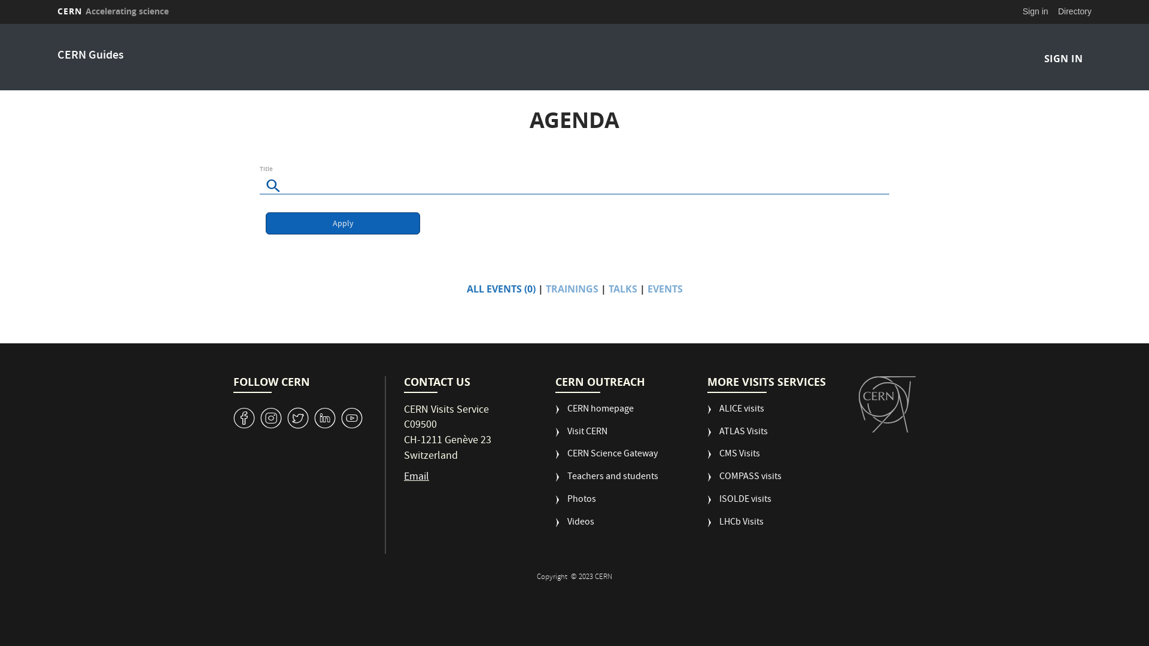 The image size is (1149, 646). Describe the element at coordinates (270, 418) in the screenshot. I see `'J'` at that location.